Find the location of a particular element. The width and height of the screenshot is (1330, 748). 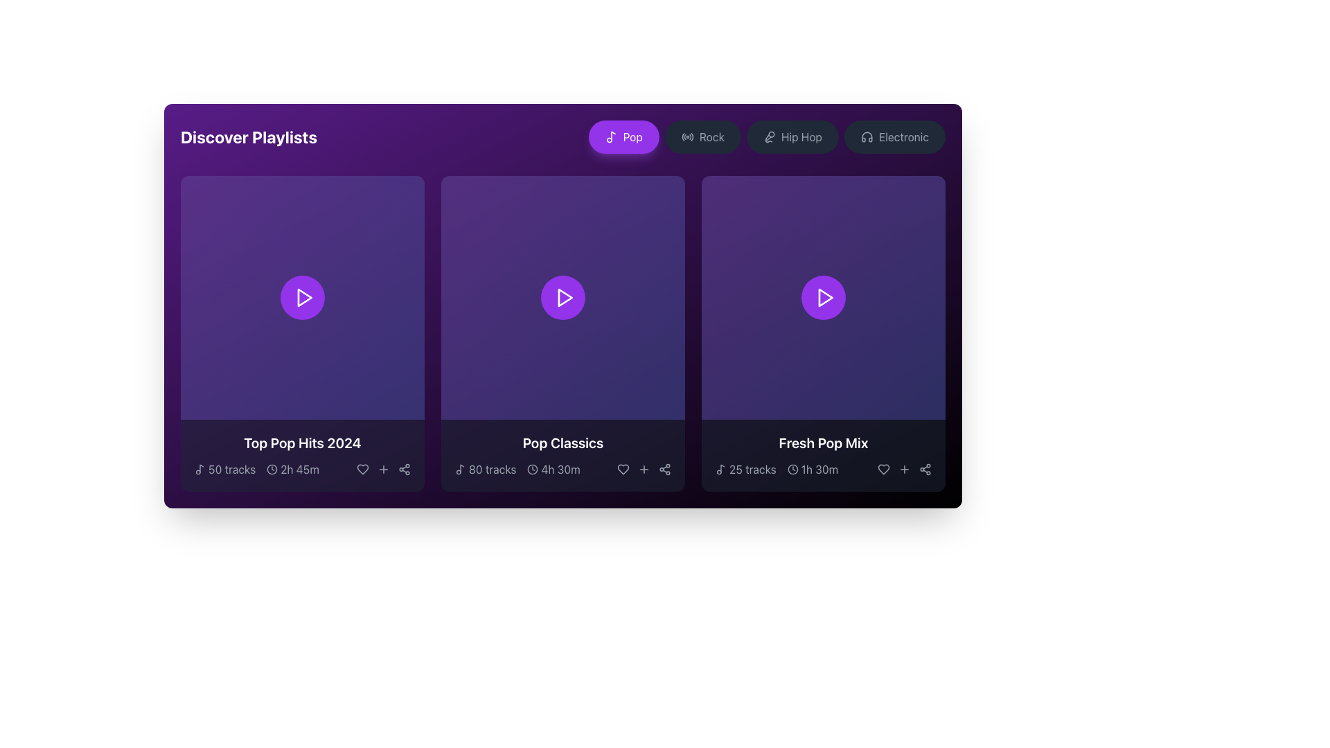

the clock icon that indicates the duration associated with the 'Pop Classics' playlist, positioned to the left of the text '4h 30m.' is located at coordinates (532, 469).